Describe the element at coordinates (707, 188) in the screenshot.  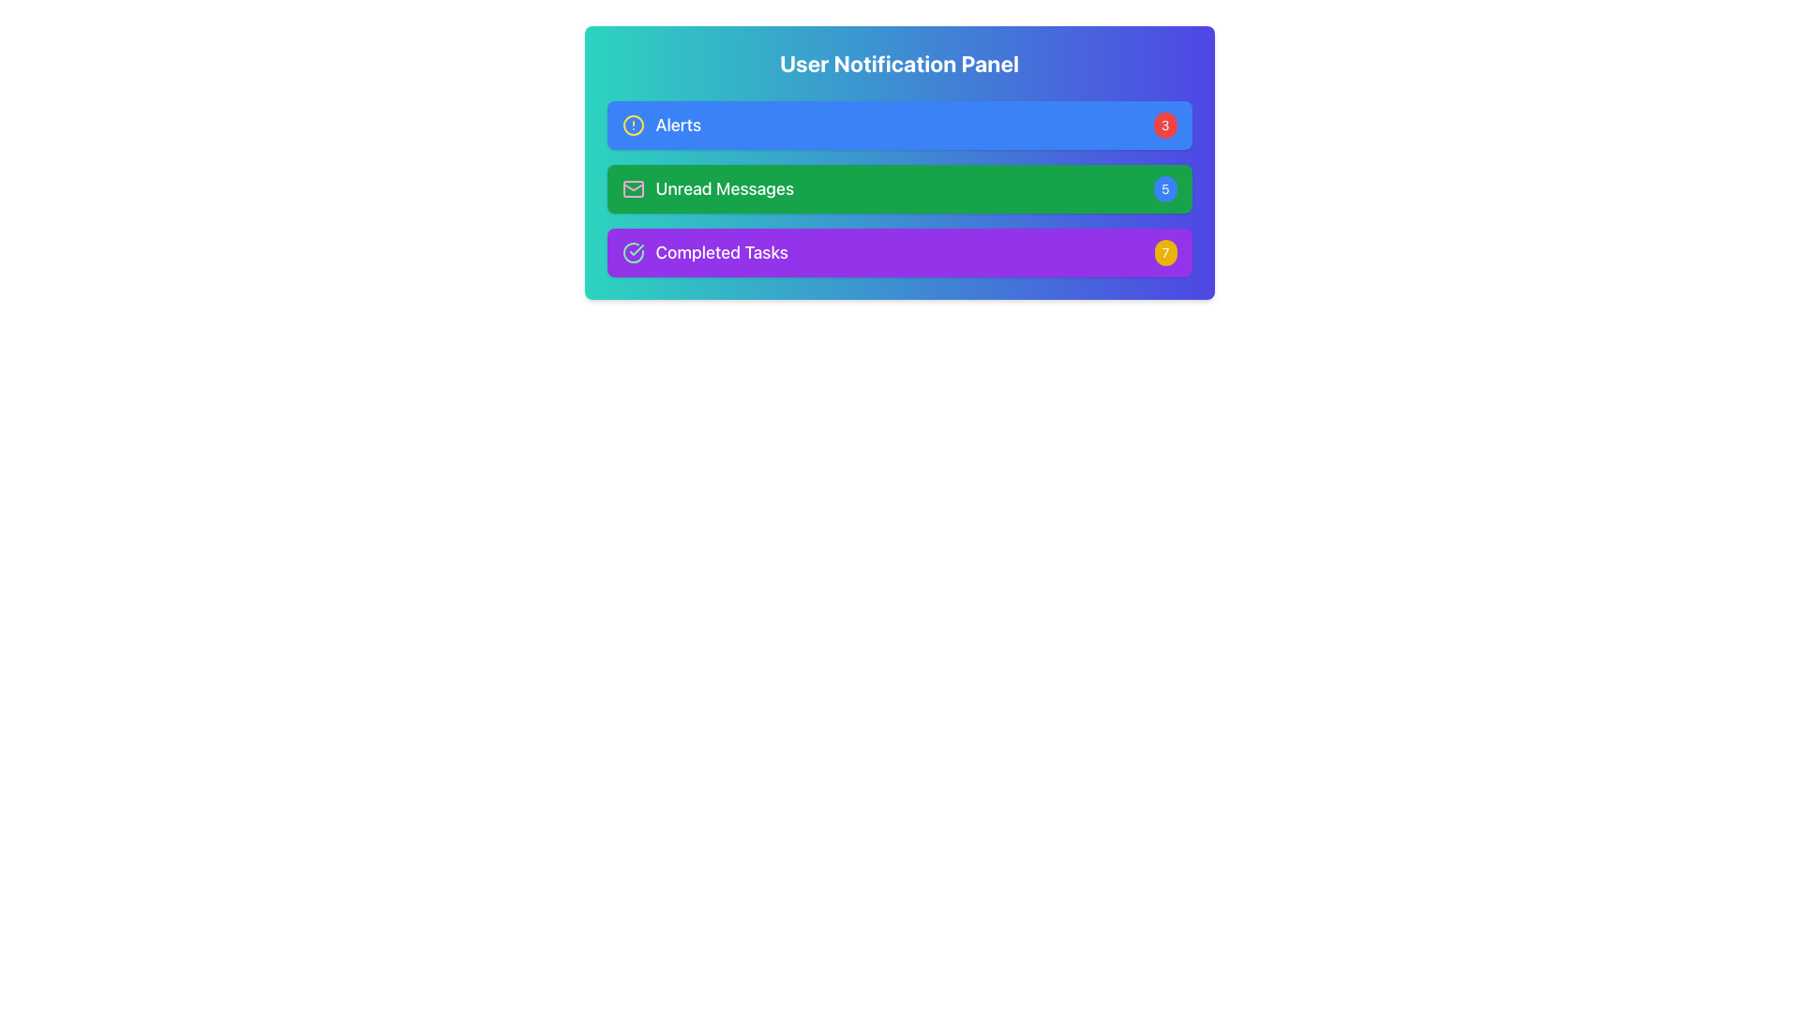
I see `the informational label displaying an icon of a pink mail envelope and the text 'Unread Messages' on a green background within the notification panel` at that location.